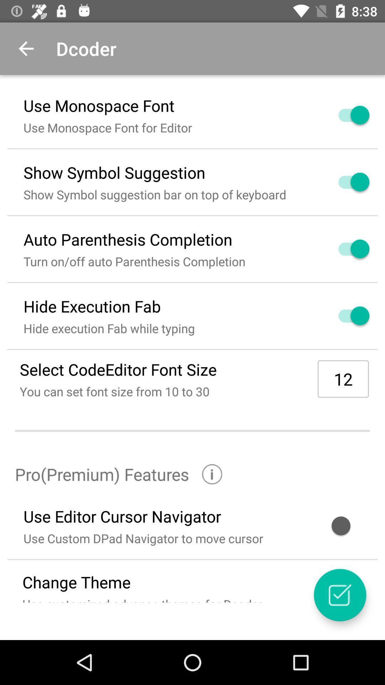 The image size is (385, 685). Describe the element at coordinates (339, 595) in the screenshot. I see `the check icon` at that location.